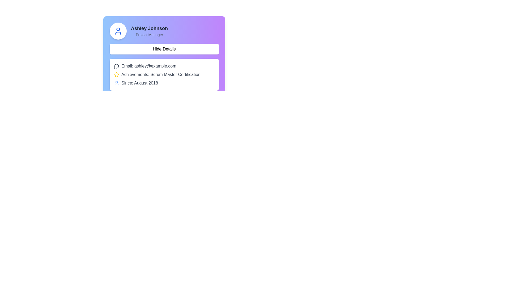 Image resolution: width=510 pixels, height=287 pixels. I want to click on the small, circular speech bubble icon located next to the text 'Email: ashley@example.com' in the user profile card, so click(116, 66).